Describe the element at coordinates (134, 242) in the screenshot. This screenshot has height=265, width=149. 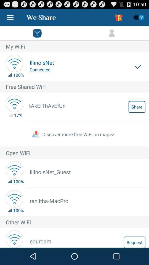
I see `icon to the right of the eduroam` at that location.